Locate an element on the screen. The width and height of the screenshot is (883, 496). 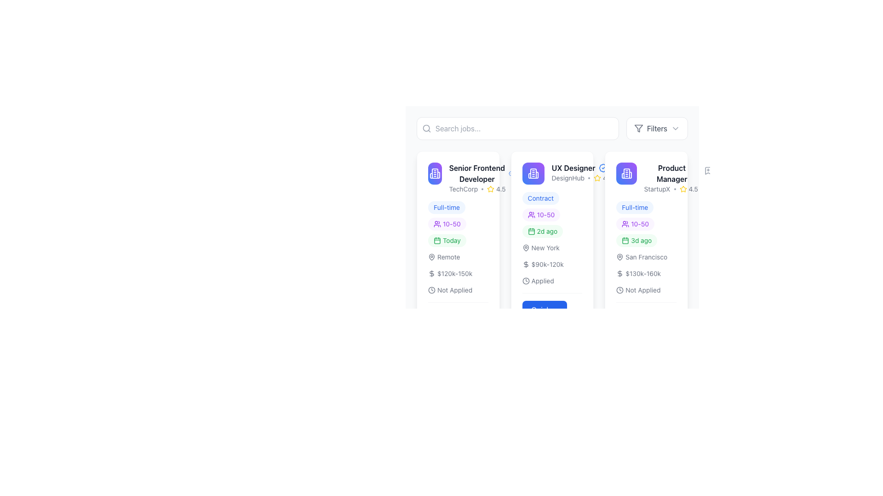
the text label indicating the name of the company associated with the job posting, located within the job card for 'Senior Frontend Developer' is located at coordinates (463, 189).